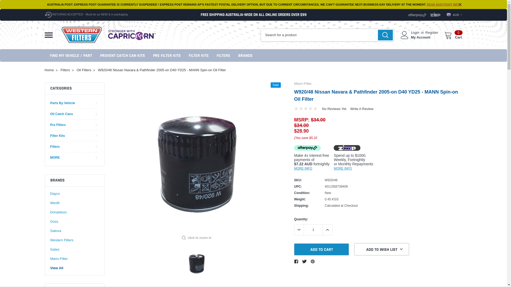 This screenshot has height=287, width=511. I want to click on '0, so click(453, 35).